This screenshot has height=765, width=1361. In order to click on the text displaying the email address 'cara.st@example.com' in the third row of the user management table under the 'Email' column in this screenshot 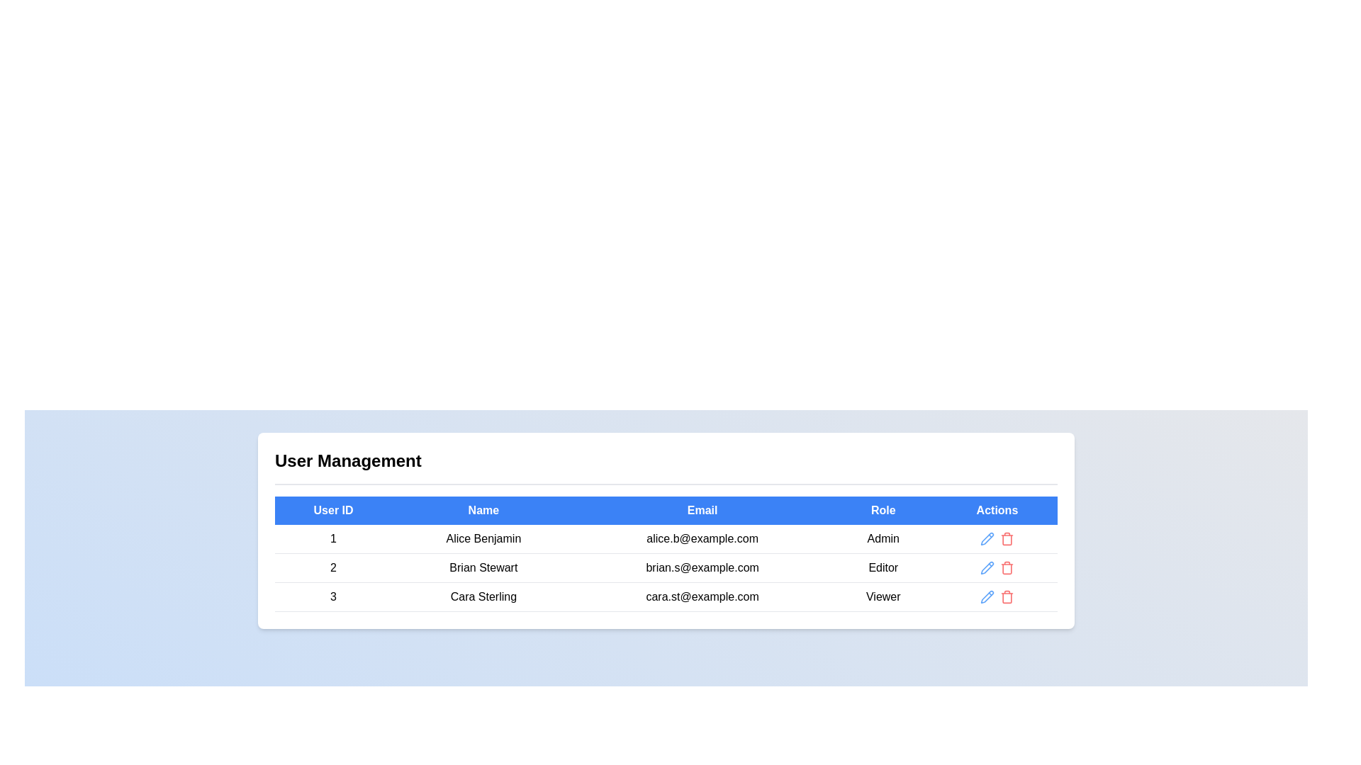, I will do `click(702, 597)`.